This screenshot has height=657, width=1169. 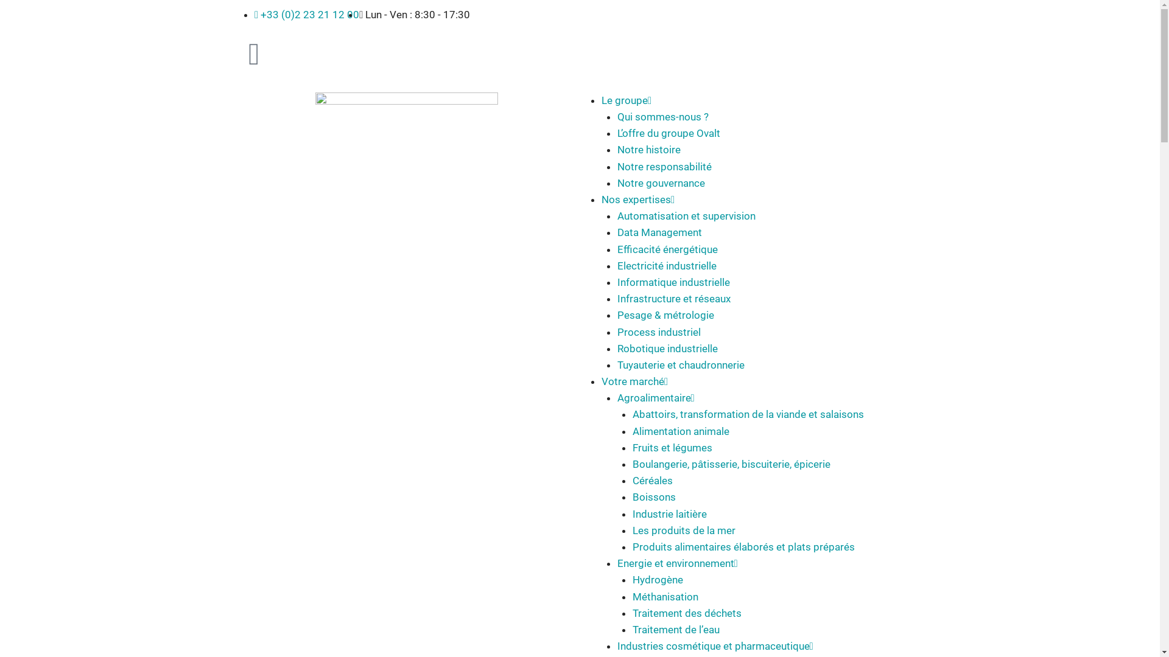 I want to click on 'Energie et environnement', so click(x=675, y=563).